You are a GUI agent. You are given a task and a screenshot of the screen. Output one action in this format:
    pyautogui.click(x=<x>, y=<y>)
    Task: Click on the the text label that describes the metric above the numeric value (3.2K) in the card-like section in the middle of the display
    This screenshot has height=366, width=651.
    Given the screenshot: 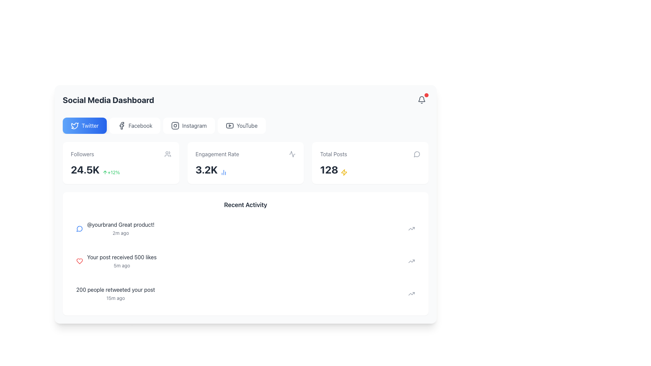 What is the action you would take?
    pyautogui.click(x=217, y=154)
    